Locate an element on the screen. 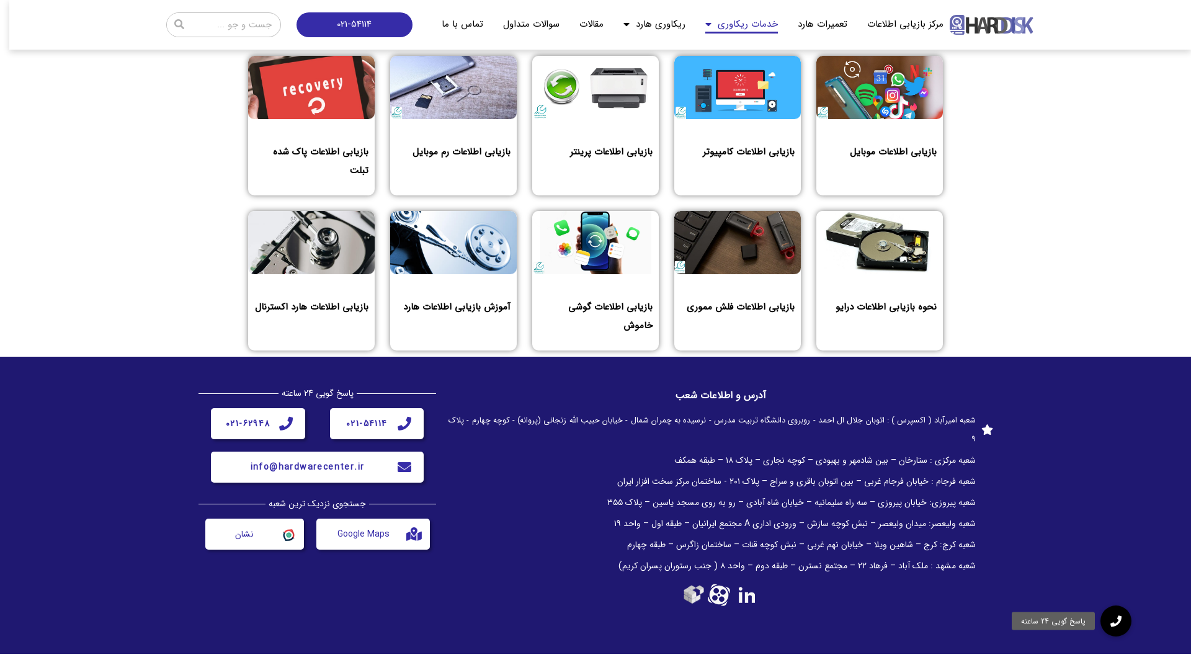  '021-62948' is located at coordinates (248, 422).